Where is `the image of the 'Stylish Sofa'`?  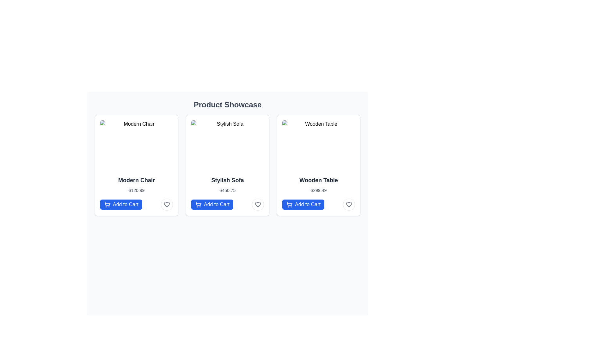
the image of the 'Stylish Sofa' is located at coordinates (228, 146).